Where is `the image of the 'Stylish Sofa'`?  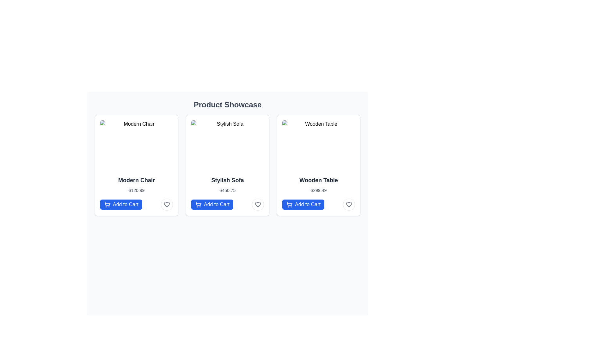
the image of the 'Stylish Sofa' is located at coordinates (228, 146).